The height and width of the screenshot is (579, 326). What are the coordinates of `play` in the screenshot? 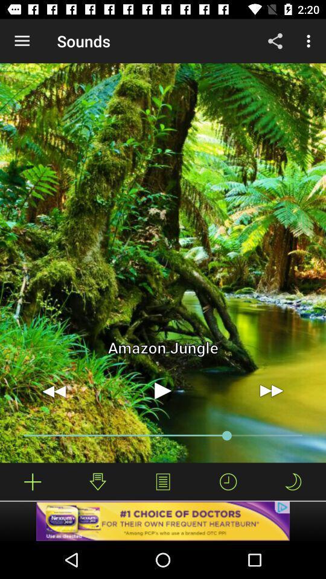 It's located at (163, 390).